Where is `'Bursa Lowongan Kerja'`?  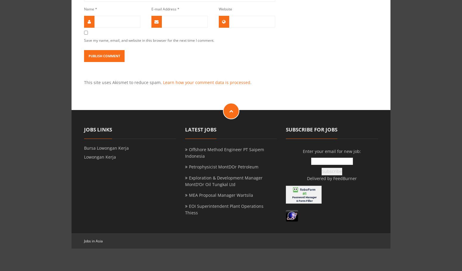
'Bursa Lowongan Kerja' is located at coordinates (106, 147).